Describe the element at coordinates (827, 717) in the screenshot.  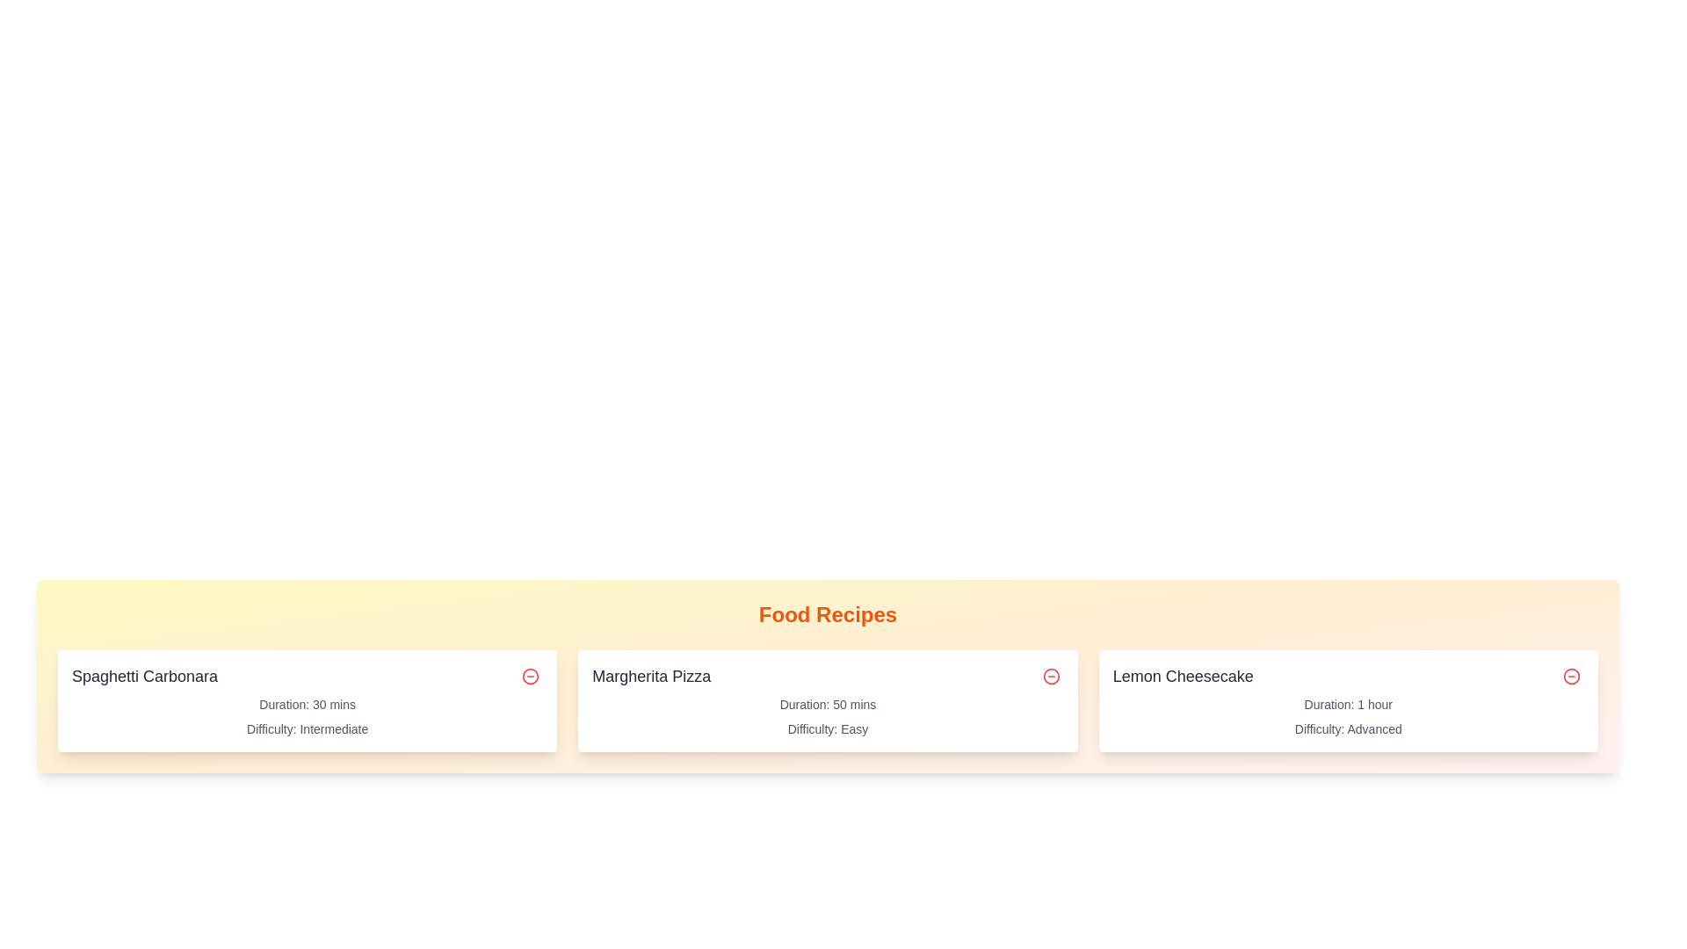
I see `the Text Display Group that provides additional information about the Margherita Pizza recipe, specifically its preparation duration and difficulty level` at that location.